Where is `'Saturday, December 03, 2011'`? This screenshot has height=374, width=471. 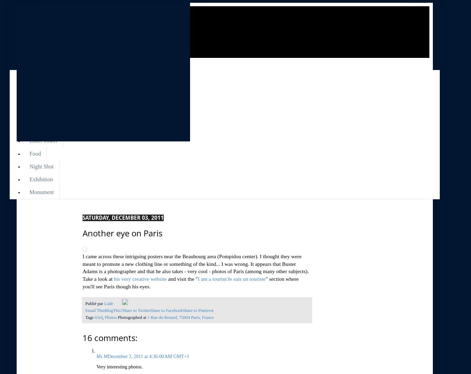
'Saturday, December 03, 2011' is located at coordinates (82, 217).